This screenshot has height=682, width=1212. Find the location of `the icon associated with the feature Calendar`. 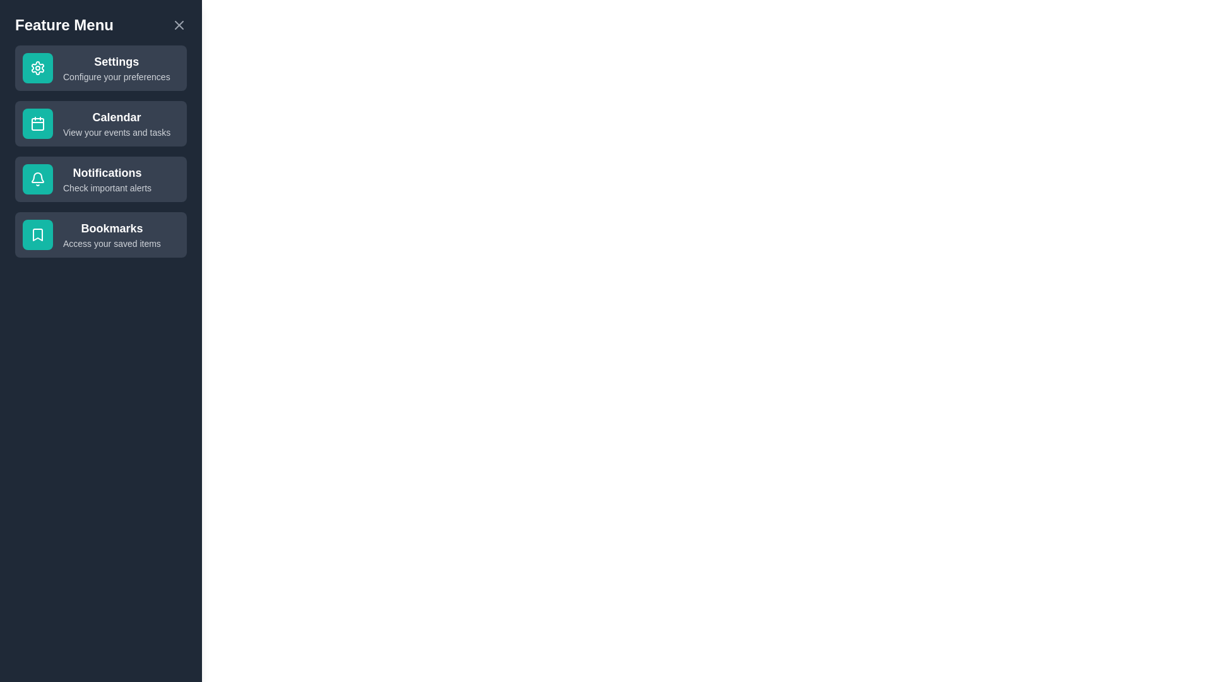

the icon associated with the feature Calendar is located at coordinates (37, 124).